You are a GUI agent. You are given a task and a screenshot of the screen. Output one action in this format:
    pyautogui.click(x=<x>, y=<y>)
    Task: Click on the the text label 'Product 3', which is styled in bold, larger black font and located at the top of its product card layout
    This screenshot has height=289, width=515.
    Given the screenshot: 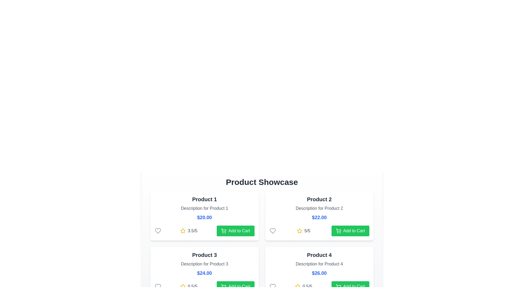 What is the action you would take?
    pyautogui.click(x=204, y=254)
    